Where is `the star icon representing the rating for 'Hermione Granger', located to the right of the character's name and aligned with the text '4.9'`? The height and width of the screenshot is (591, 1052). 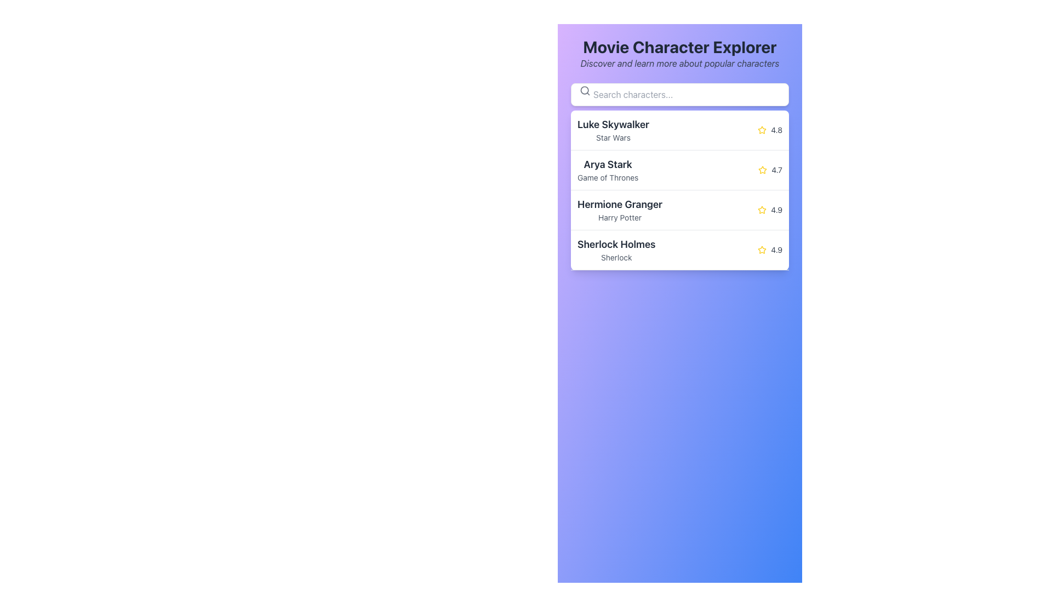 the star icon representing the rating for 'Hermione Granger', located to the right of the character's name and aligned with the text '4.9' is located at coordinates (762, 210).